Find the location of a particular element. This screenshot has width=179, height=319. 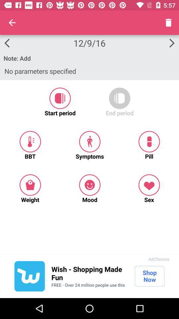

the app to the left of shop now app is located at coordinates (89, 273).